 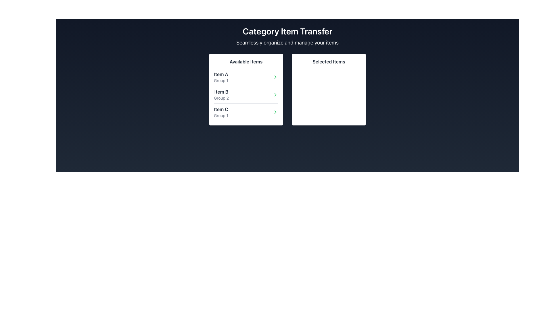 I want to click on the Text Label that serves as a descriptor for 'Item B', located in the left panel under 'Available Items', so click(x=221, y=98).